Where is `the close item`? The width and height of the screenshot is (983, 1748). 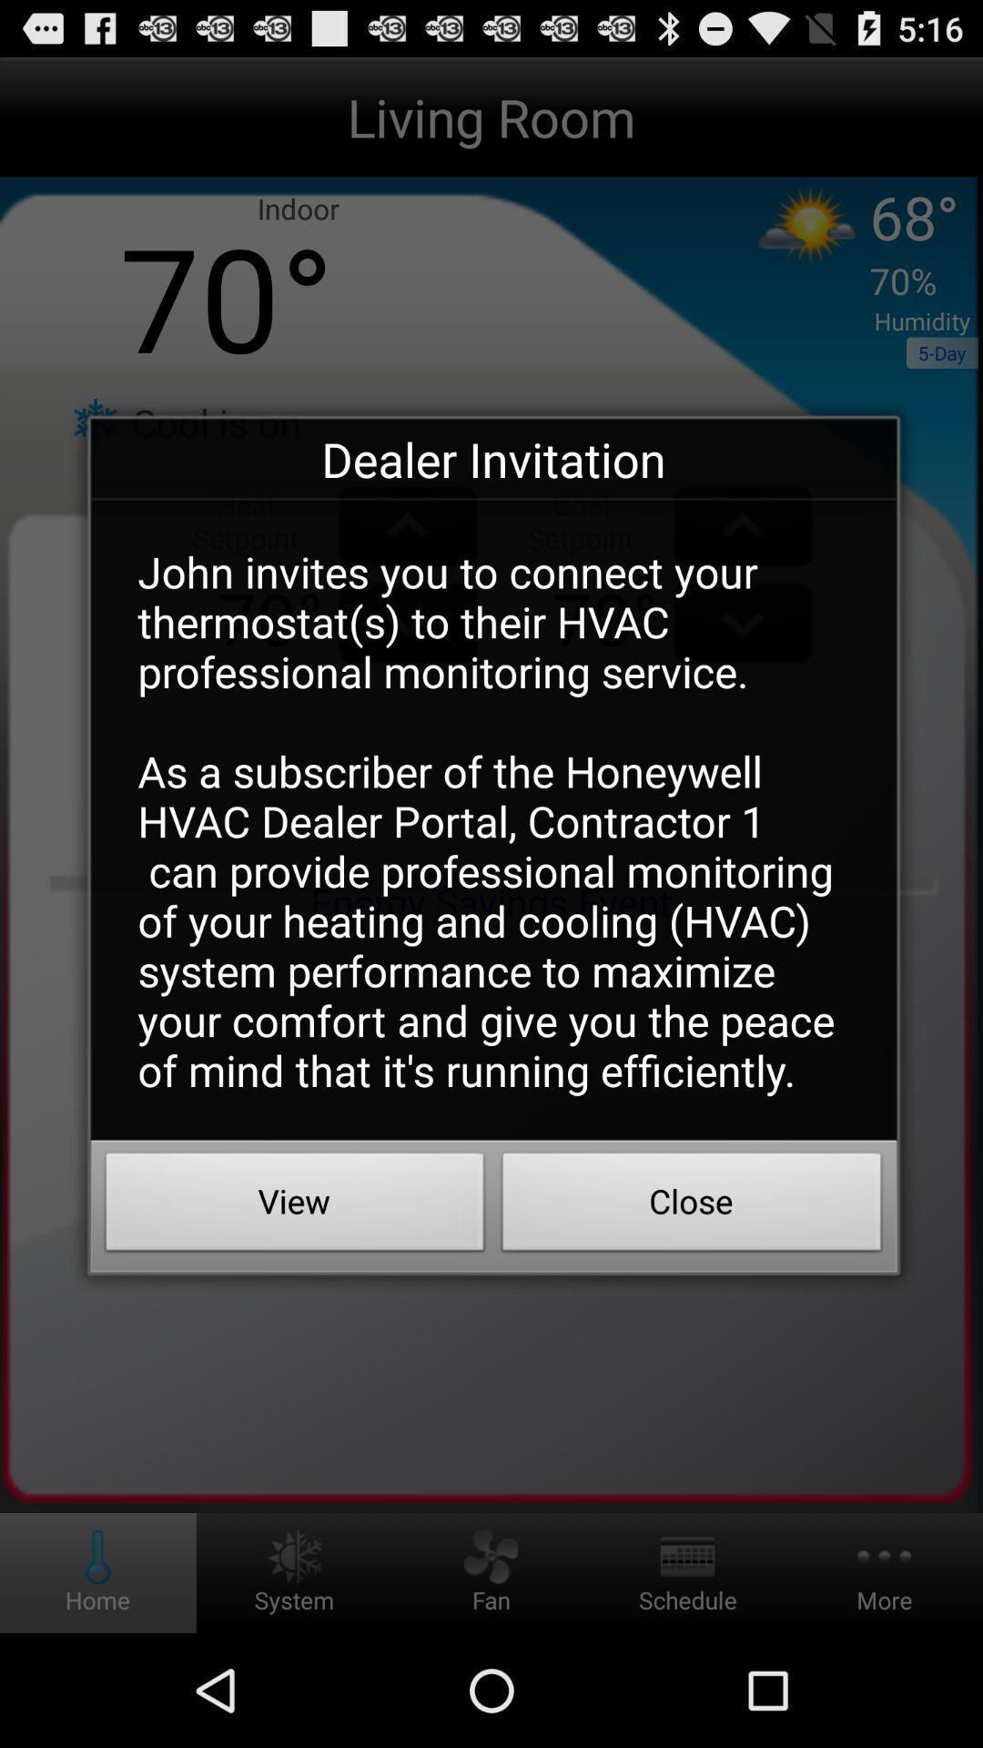
the close item is located at coordinates (692, 1206).